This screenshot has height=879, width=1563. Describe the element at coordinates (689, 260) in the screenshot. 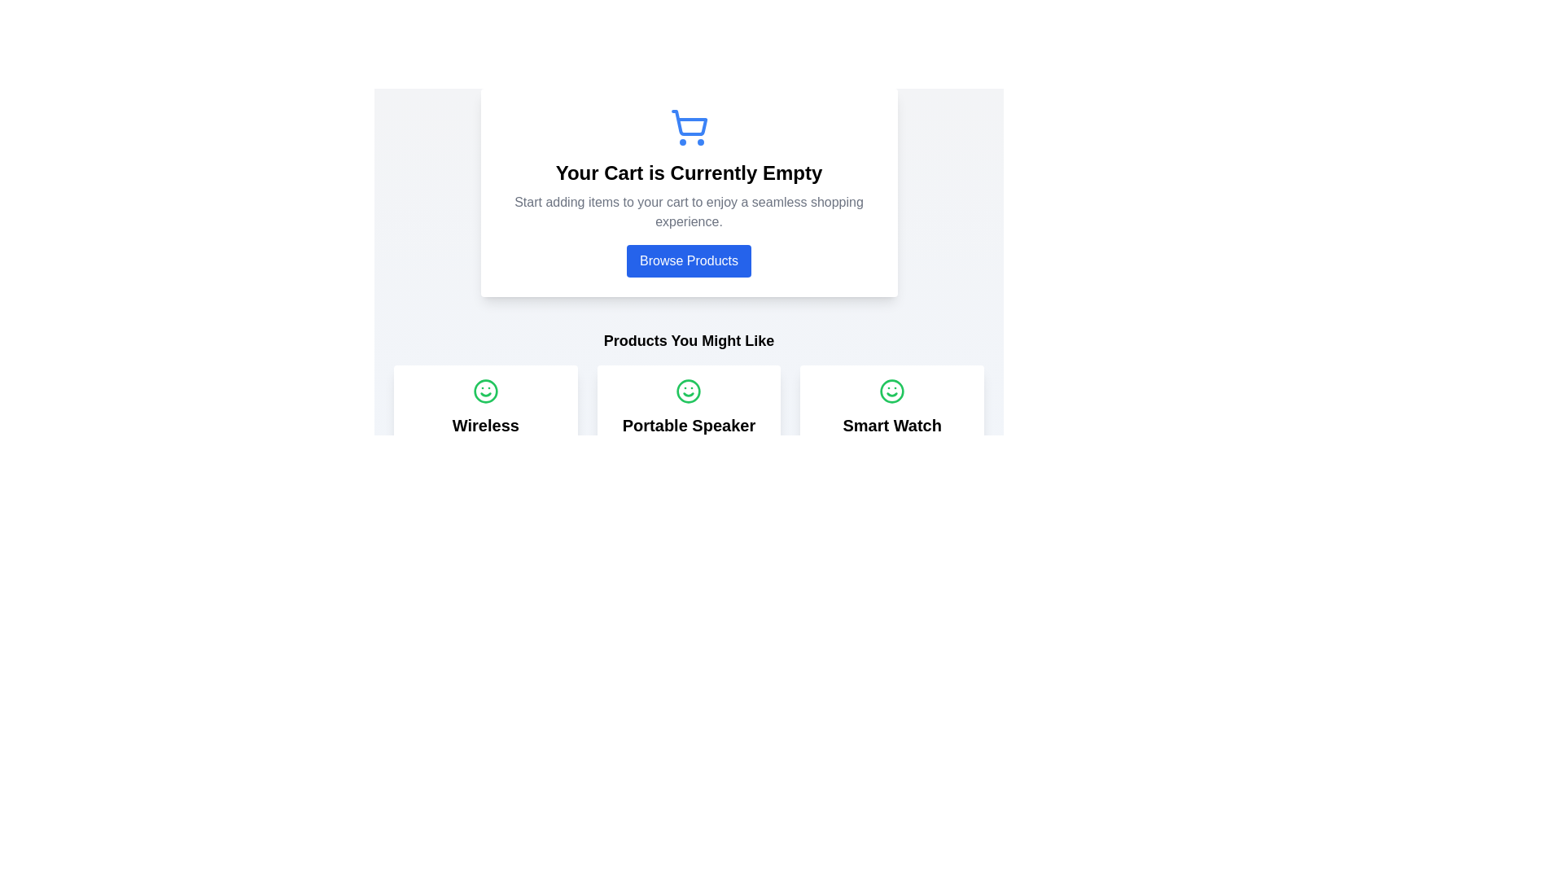

I see `the button located at the bottom of the centered white card that contains a shopping cart illustration and the text 'Your Cart is Currently Empty'` at that location.